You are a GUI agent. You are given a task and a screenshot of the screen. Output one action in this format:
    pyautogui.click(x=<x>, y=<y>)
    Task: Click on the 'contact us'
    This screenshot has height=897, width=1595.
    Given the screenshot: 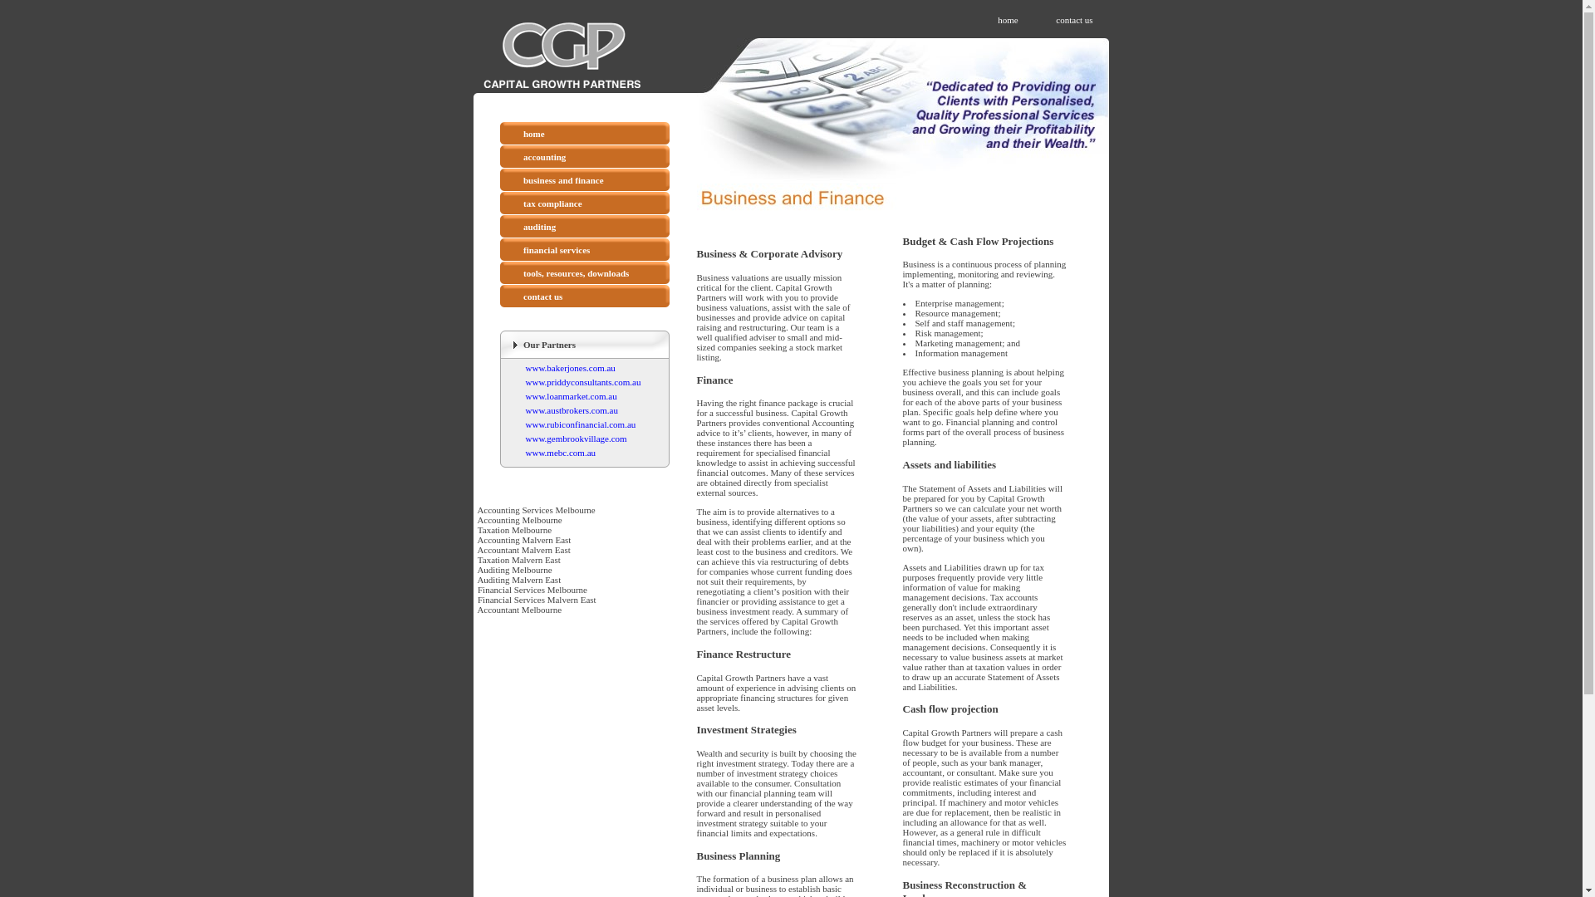 What is the action you would take?
    pyautogui.click(x=542, y=296)
    